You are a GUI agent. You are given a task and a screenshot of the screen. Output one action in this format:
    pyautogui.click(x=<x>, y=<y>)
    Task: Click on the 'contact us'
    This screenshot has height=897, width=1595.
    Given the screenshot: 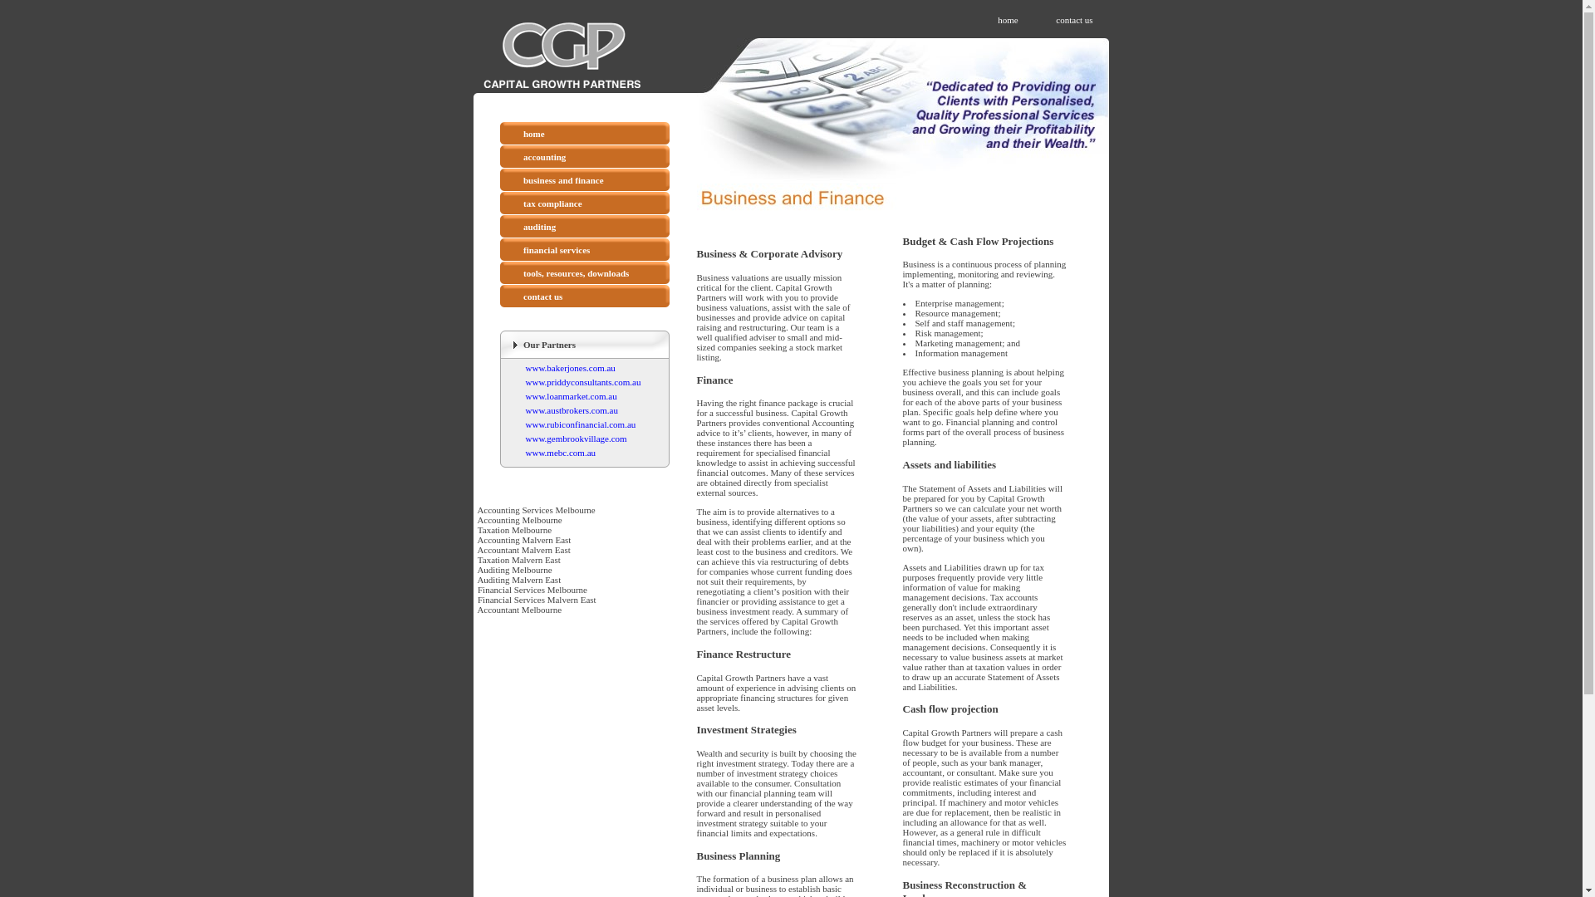 What is the action you would take?
    pyautogui.click(x=542, y=296)
    